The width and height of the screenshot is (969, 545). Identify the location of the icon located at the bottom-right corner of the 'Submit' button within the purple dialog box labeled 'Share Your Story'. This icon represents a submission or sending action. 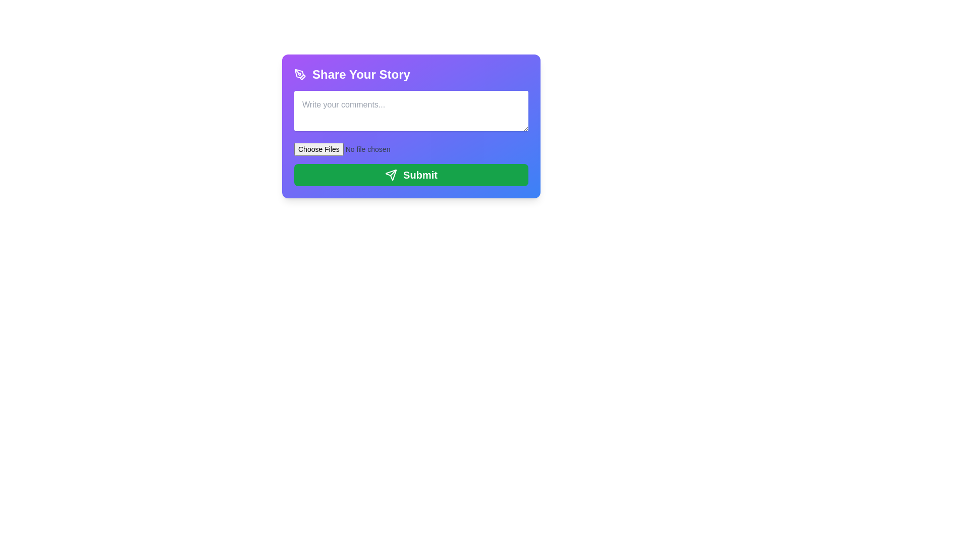
(391, 175).